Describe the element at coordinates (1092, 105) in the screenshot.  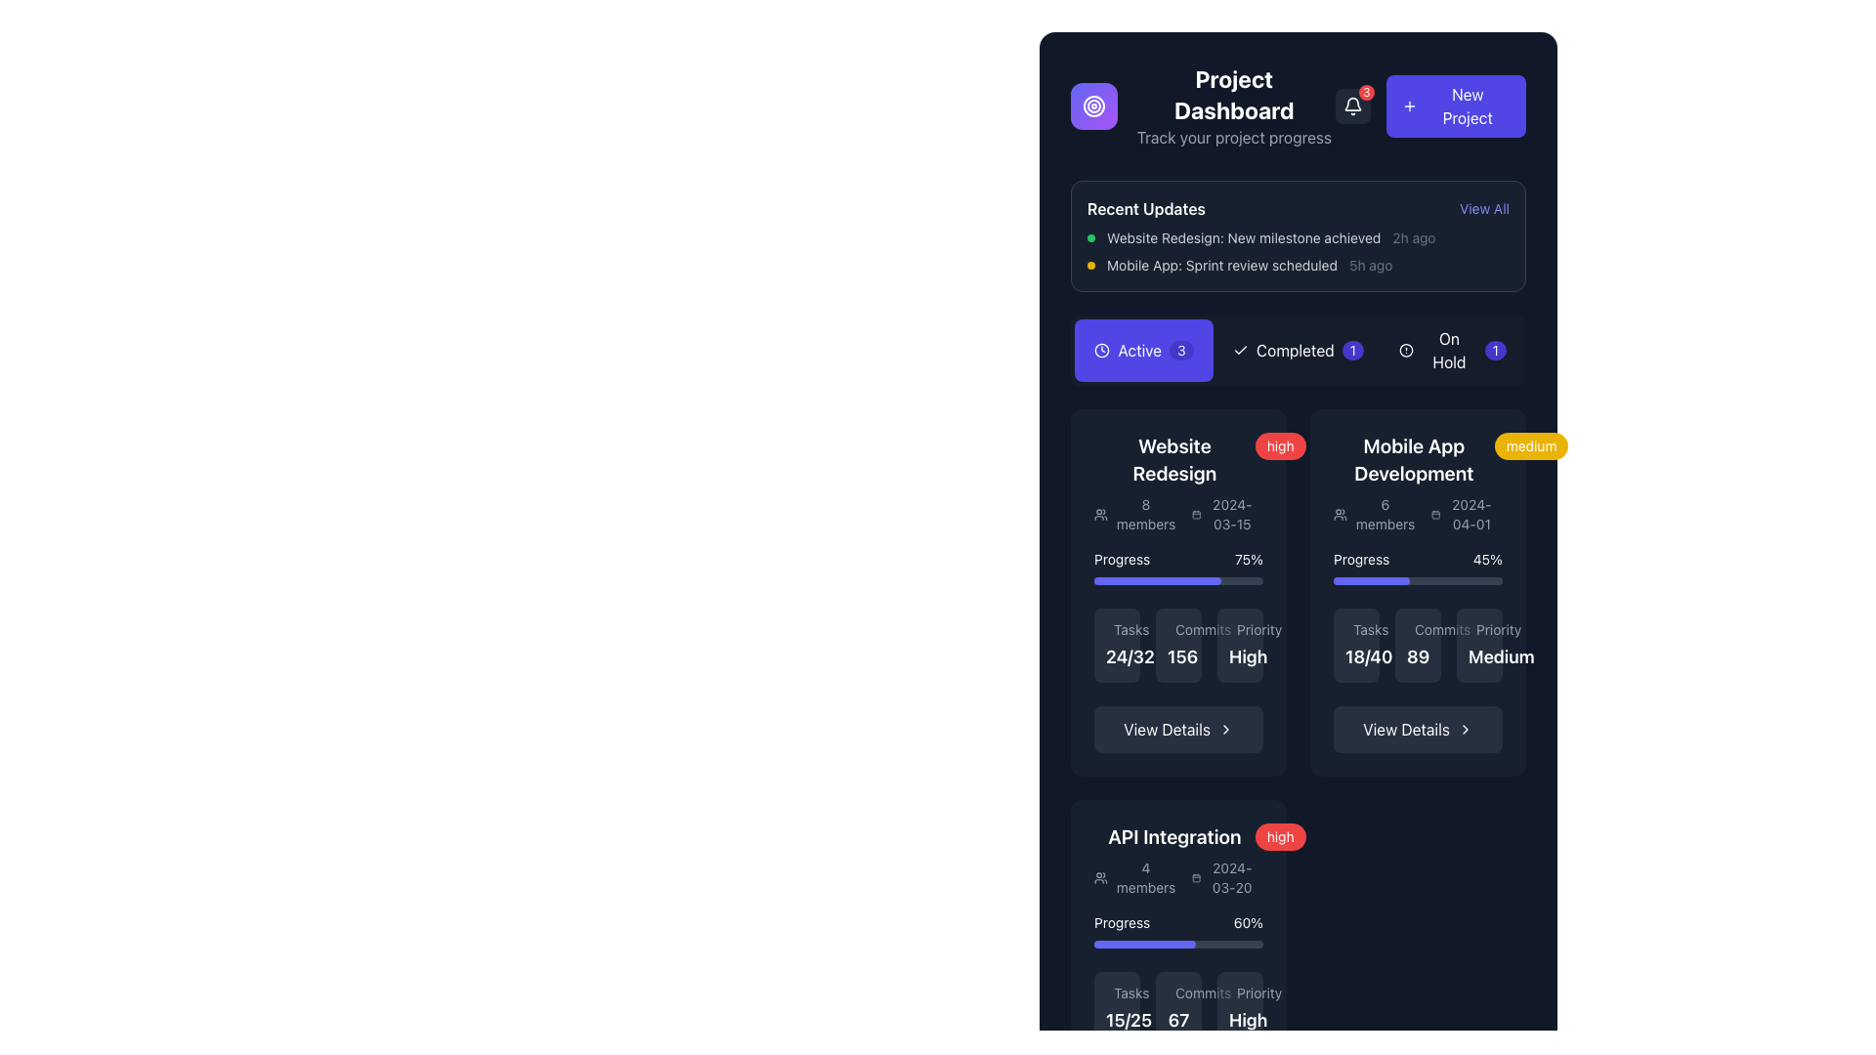
I see `the outermost circular SVG shape of the concentric circle icon, located to the left of the 'Dashboard' text` at that location.